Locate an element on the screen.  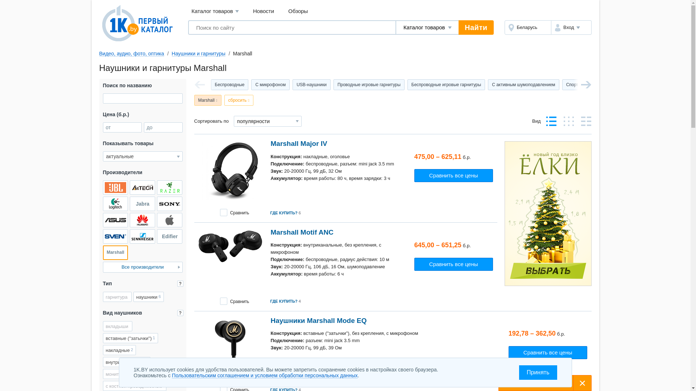
'Marshall' is located at coordinates (115, 252).